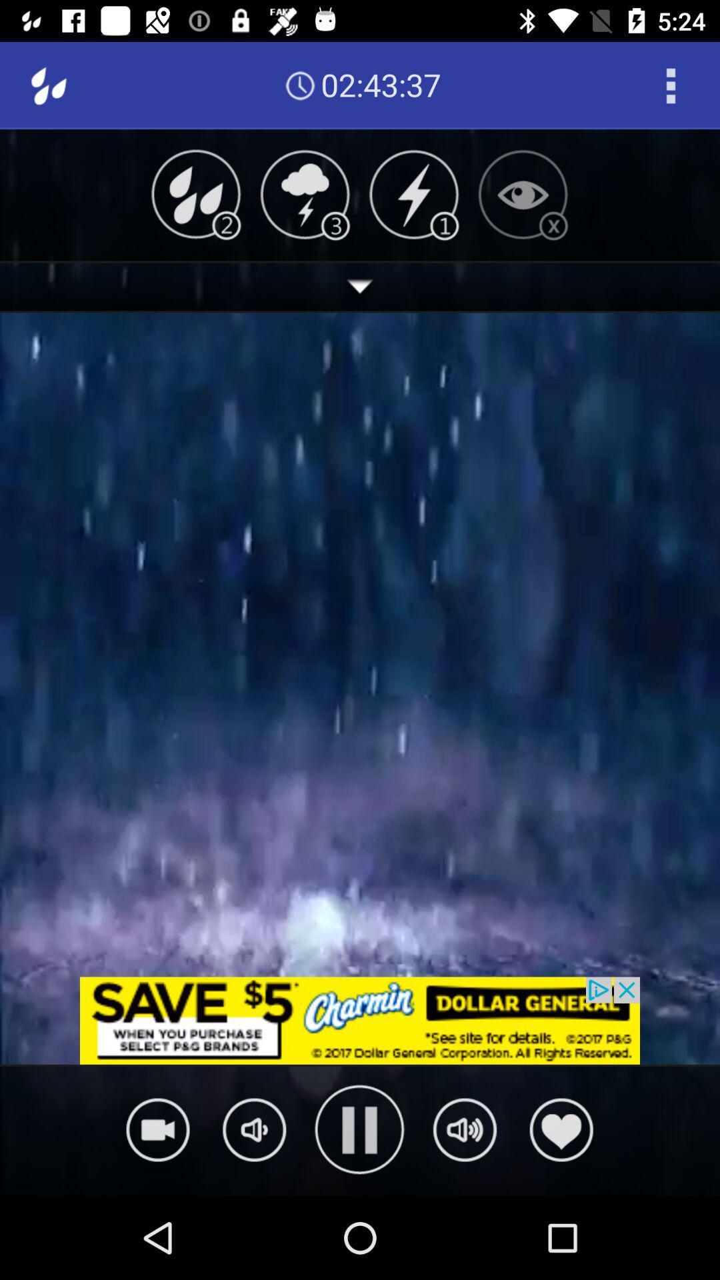 The height and width of the screenshot is (1280, 720). What do you see at coordinates (671, 85) in the screenshot?
I see `open the options menu` at bounding box center [671, 85].